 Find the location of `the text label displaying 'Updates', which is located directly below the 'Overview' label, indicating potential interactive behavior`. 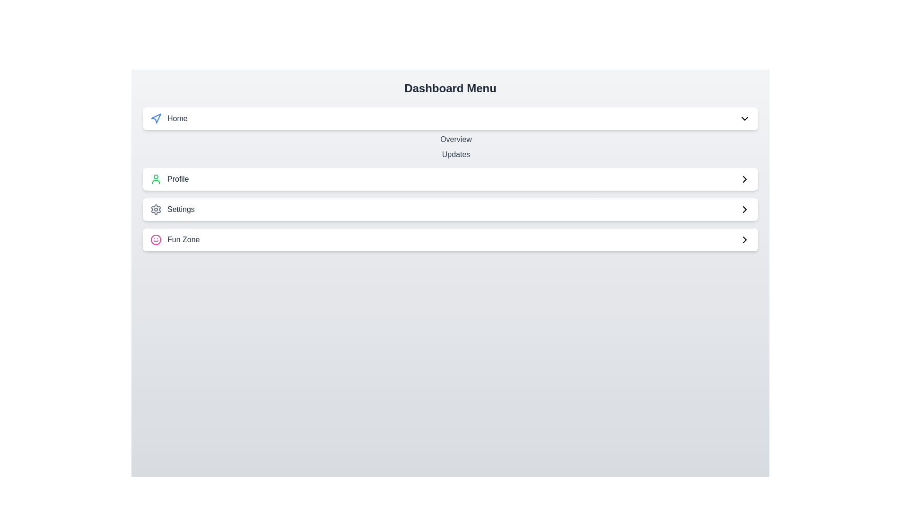

the text label displaying 'Updates', which is located directly below the 'Overview' label, indicating potential interactive behavior is located at coordinates (456, 154).